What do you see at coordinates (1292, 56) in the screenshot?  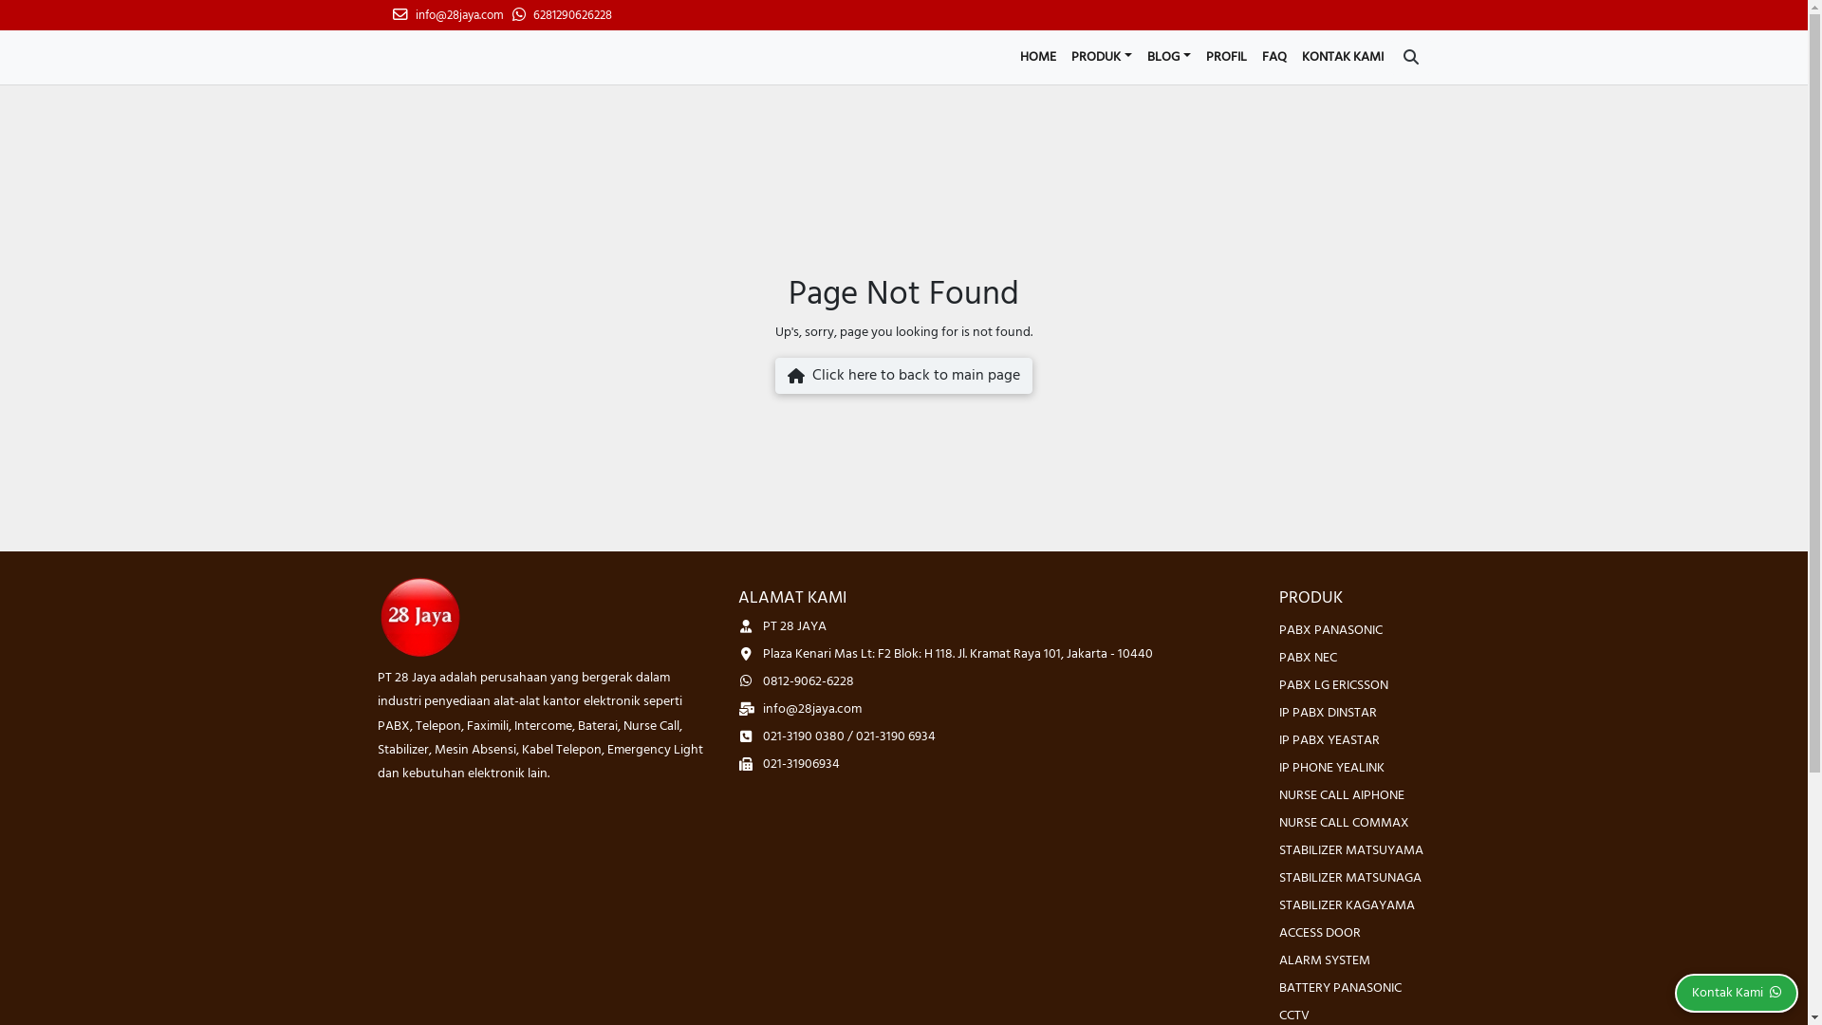 I see `'KONTAK KAMI'` at bounding box center [1292, 56].